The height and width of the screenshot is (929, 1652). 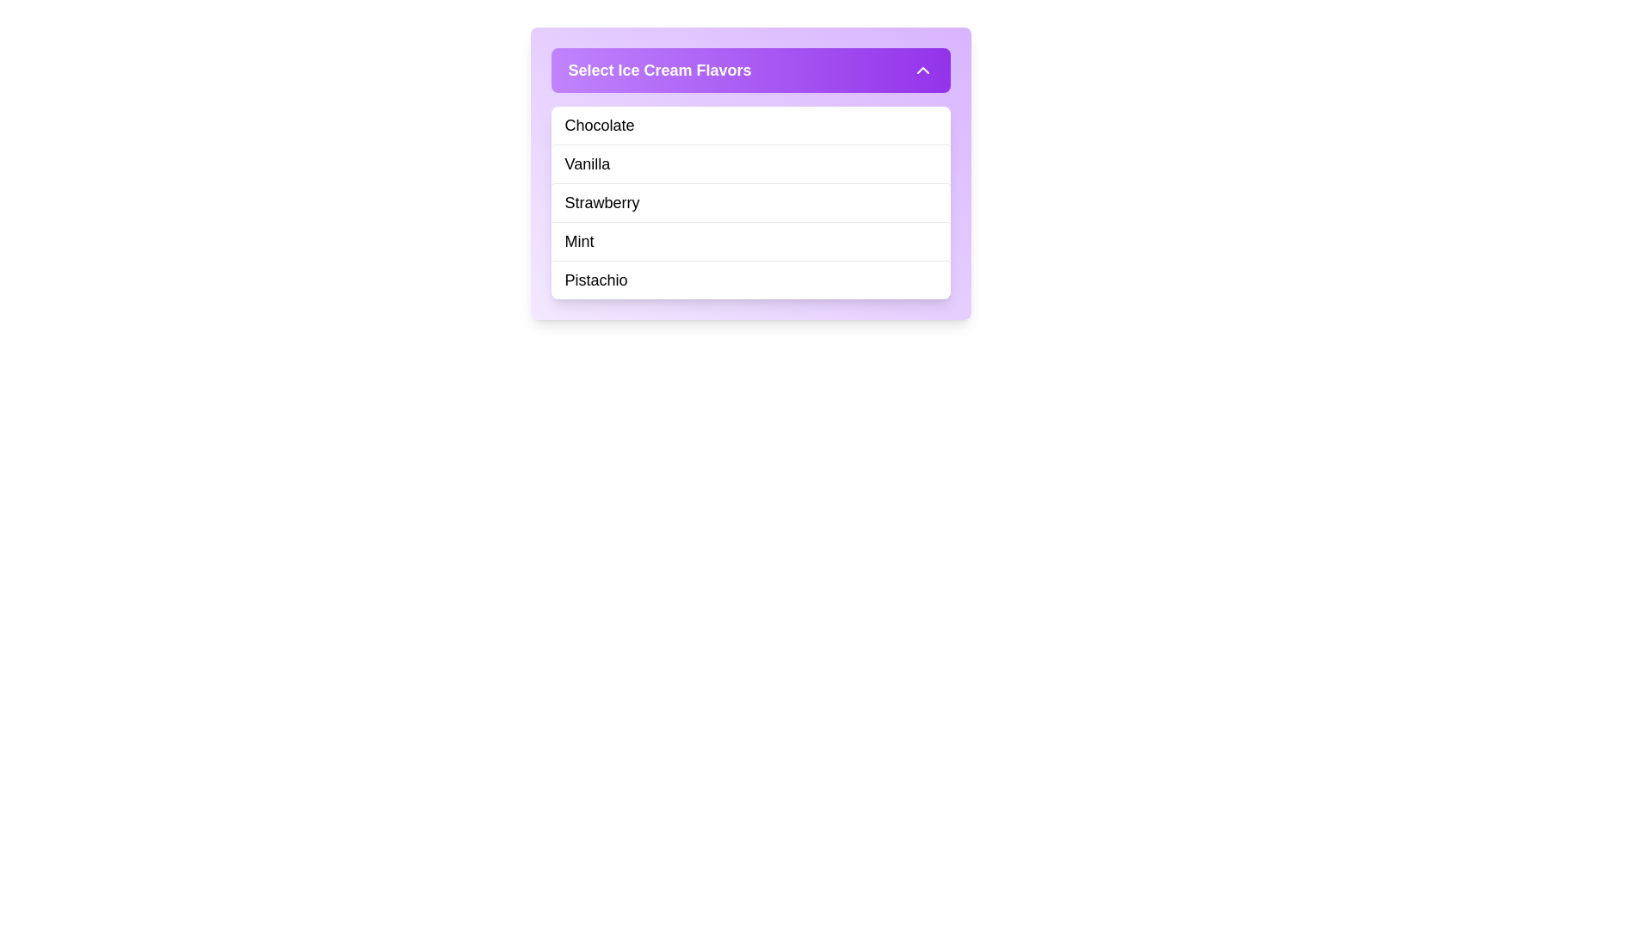 What do you see at coordinates (579, 242) in the screenshot?
I see `the text label displaying the word 'Mint', which is the fourth item in the vertical list of ice cream flavors, positioned between 'Strawberry' and 'Pistachio'` at bounding box center [579, 242].